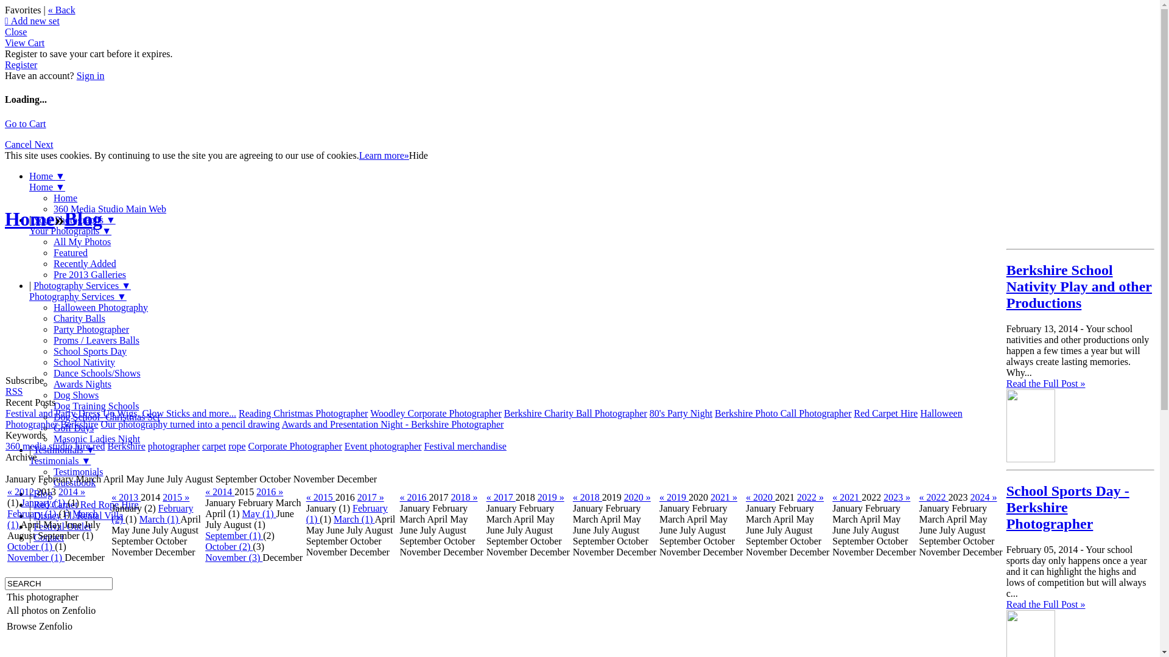 This screenshot has width=1169, height=657. I want to click on 'School Sports Day', so click(52, 351).